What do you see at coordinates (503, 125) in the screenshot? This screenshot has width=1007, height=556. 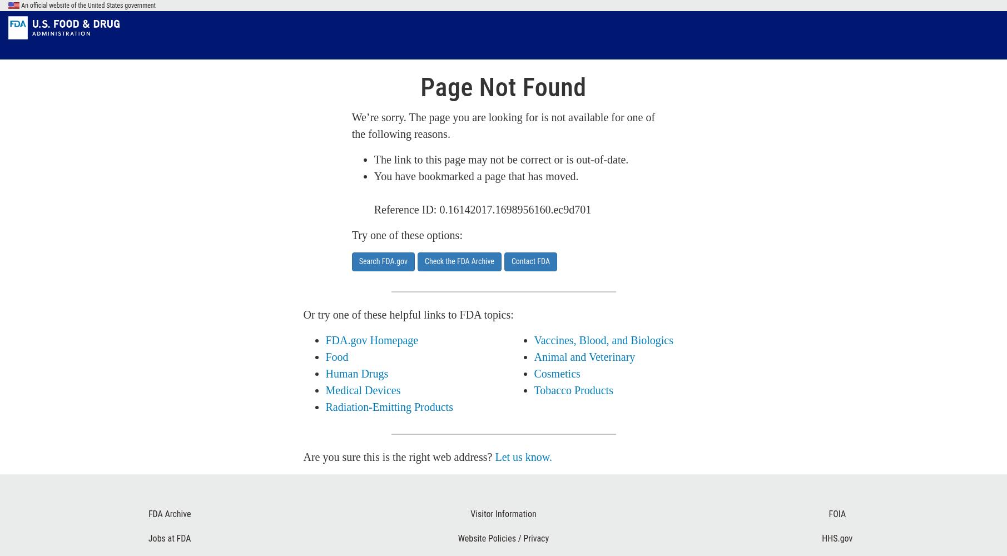 I see `'We’re sorry. The page you are looking for is not available for one of the following reasons.'` at bounding box center [503, 125].